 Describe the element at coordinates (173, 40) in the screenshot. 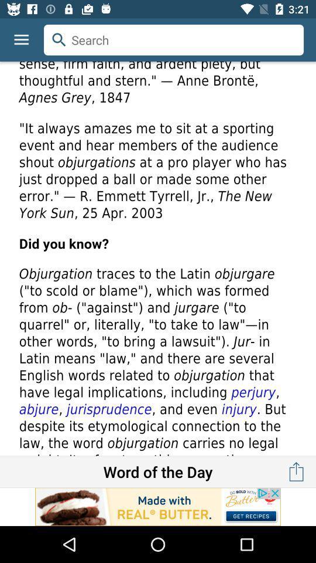

I see `search button` at that location.